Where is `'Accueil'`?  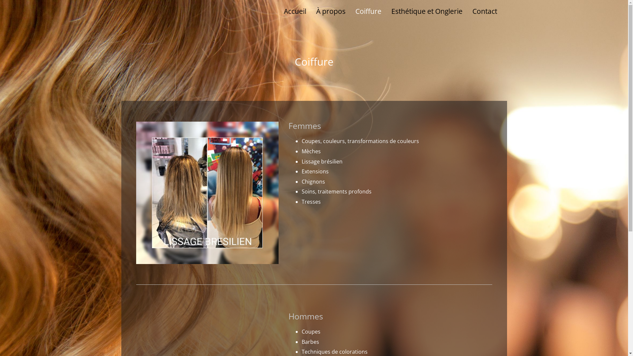
'Accueil' is located at coordinates (294, 11).